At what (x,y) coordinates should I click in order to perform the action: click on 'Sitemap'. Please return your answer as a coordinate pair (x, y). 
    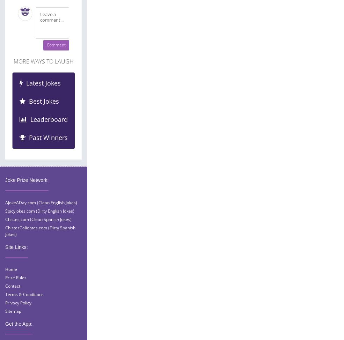
    Looking at the image, I should click on (13, 311).